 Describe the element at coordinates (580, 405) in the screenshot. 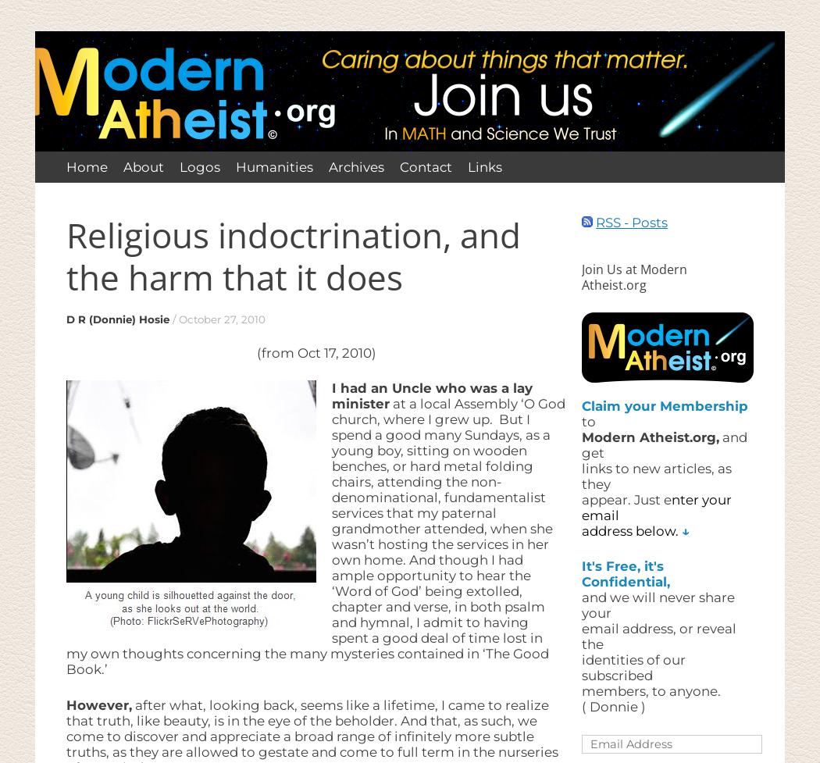

I see `'Claim your'` at that location.